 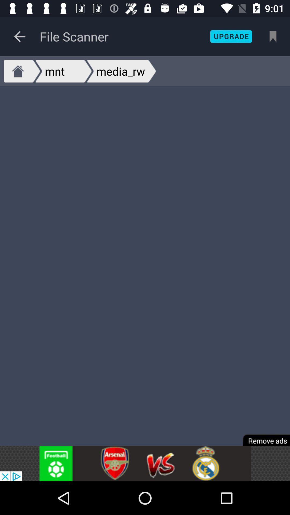 I want to click on open upgrade option, so click(x=231, y=36).